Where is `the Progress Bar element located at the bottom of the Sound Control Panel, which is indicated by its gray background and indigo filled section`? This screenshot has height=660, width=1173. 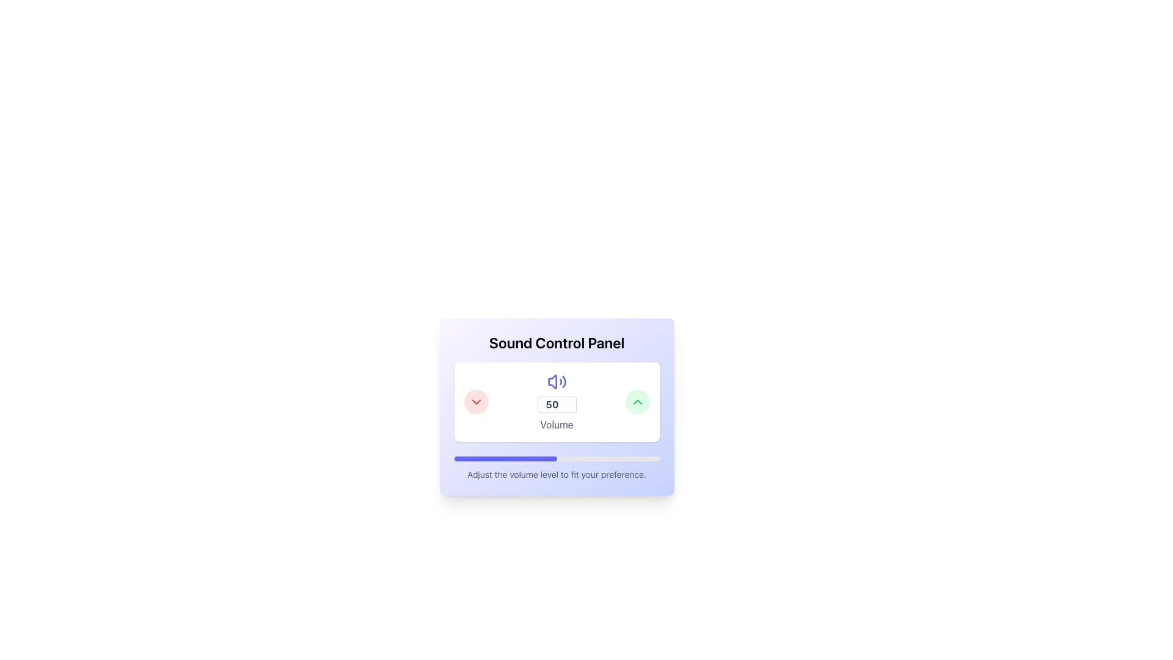
the Progress Bar element located at the bottom of the Sound Control Panel, which is indicated by its gray background and indigo filled section is located at coordinates (556, 459).